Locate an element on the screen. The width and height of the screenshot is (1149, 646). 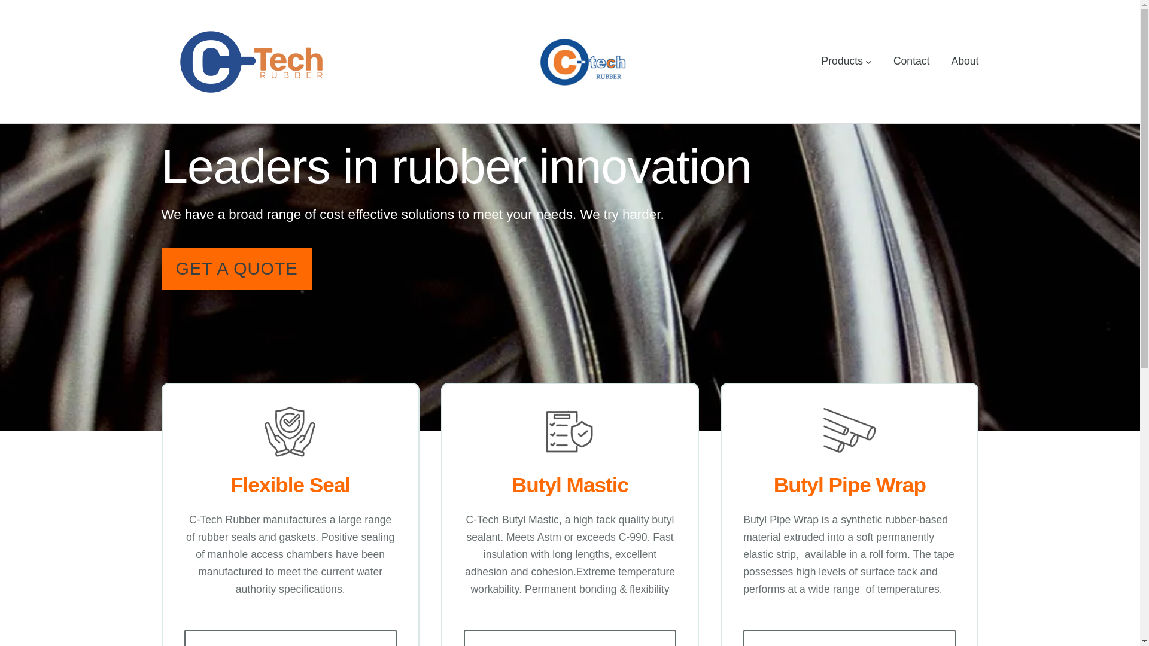
'GET A QUOTE' is located at coordinates (236, 269).